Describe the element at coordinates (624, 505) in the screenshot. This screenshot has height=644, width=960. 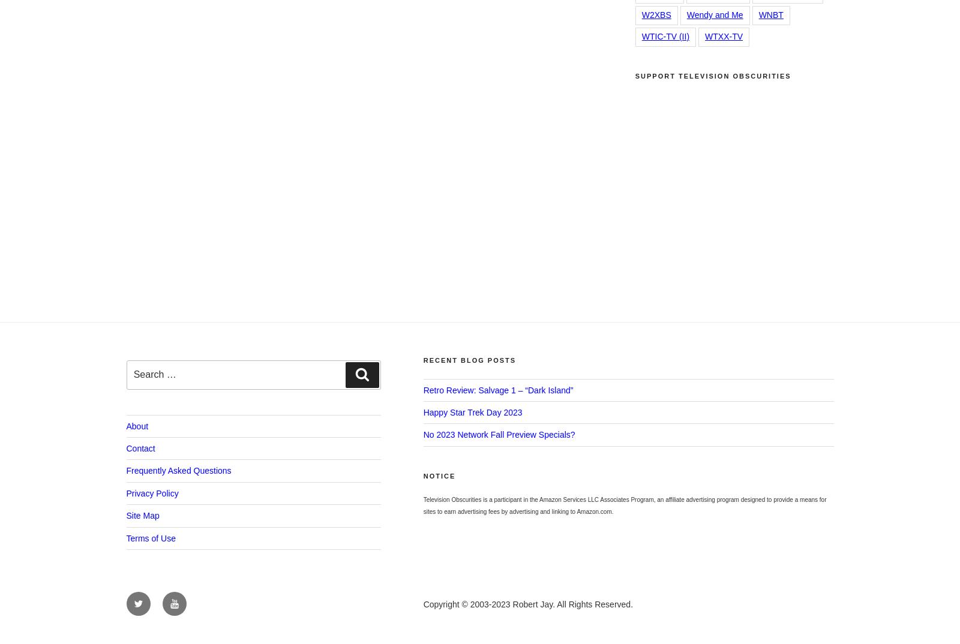
I see `'Television Obscurities is a participant in the Amazon Services LLC Associates Program, an affiliate advertising program designed to provide a means for sites to earn advertising fees by advertising and linking to Amazon.com.'` at that location.